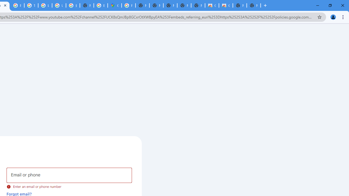  Describe the element at coordinates (226, 5) in the screenshot. I see `'Classic Blue - Chrome Web Store'` at that location.